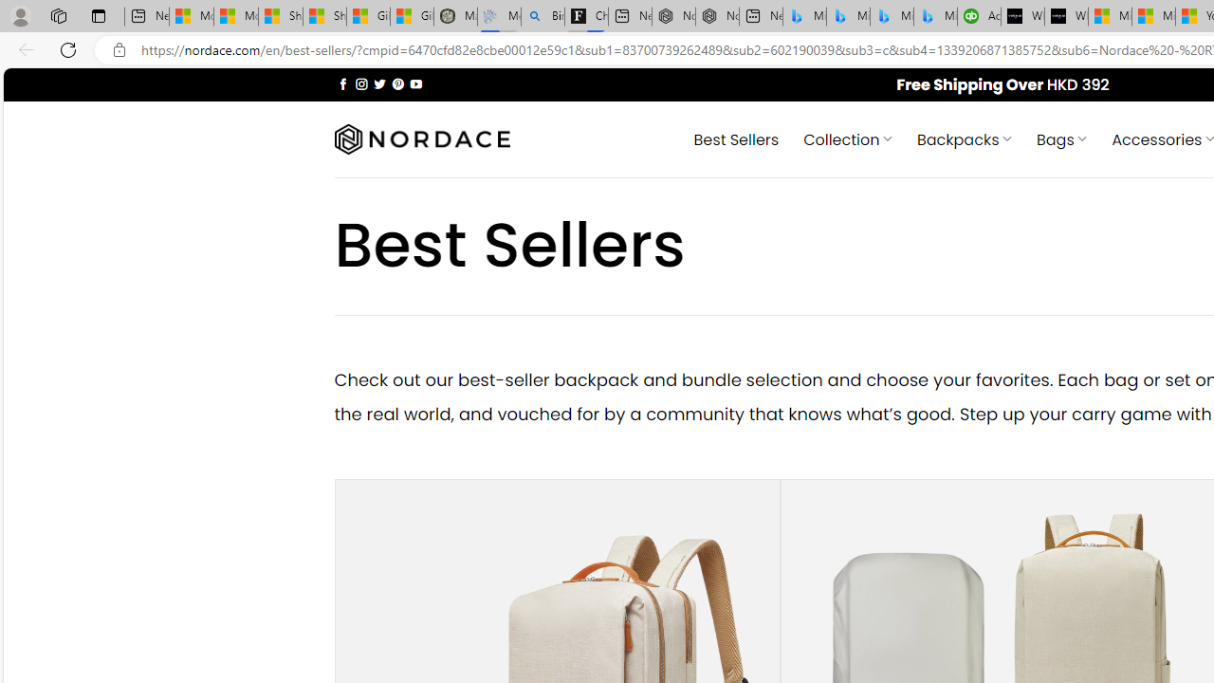 Image resolution: width=1214 pixels, height=683 pixels. What do you see at coordinates (585, 16) in the screenshot?
I see `'Chloe Sorvino'` at bounding box center [585, 16].